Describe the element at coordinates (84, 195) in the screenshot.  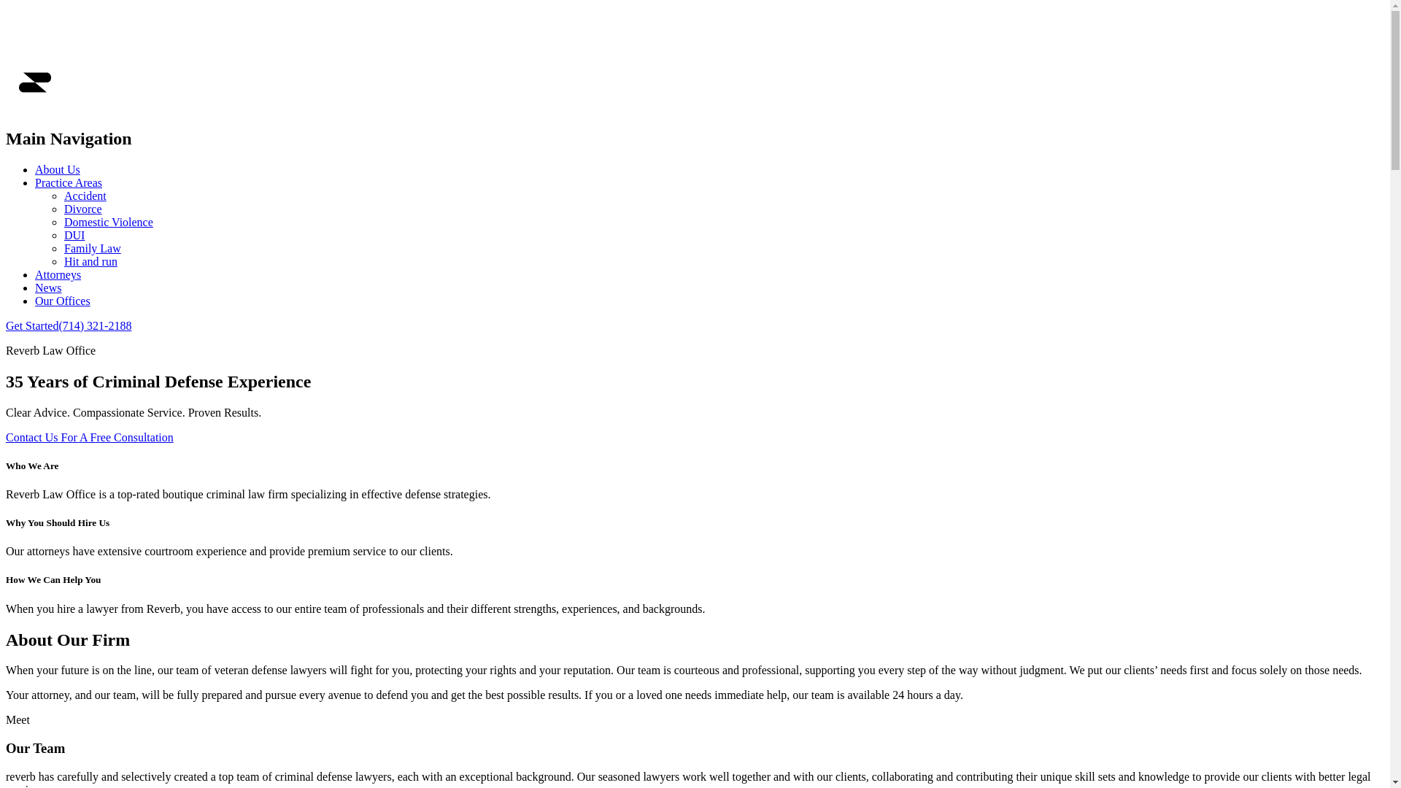
I see `'Accident'` at that location.